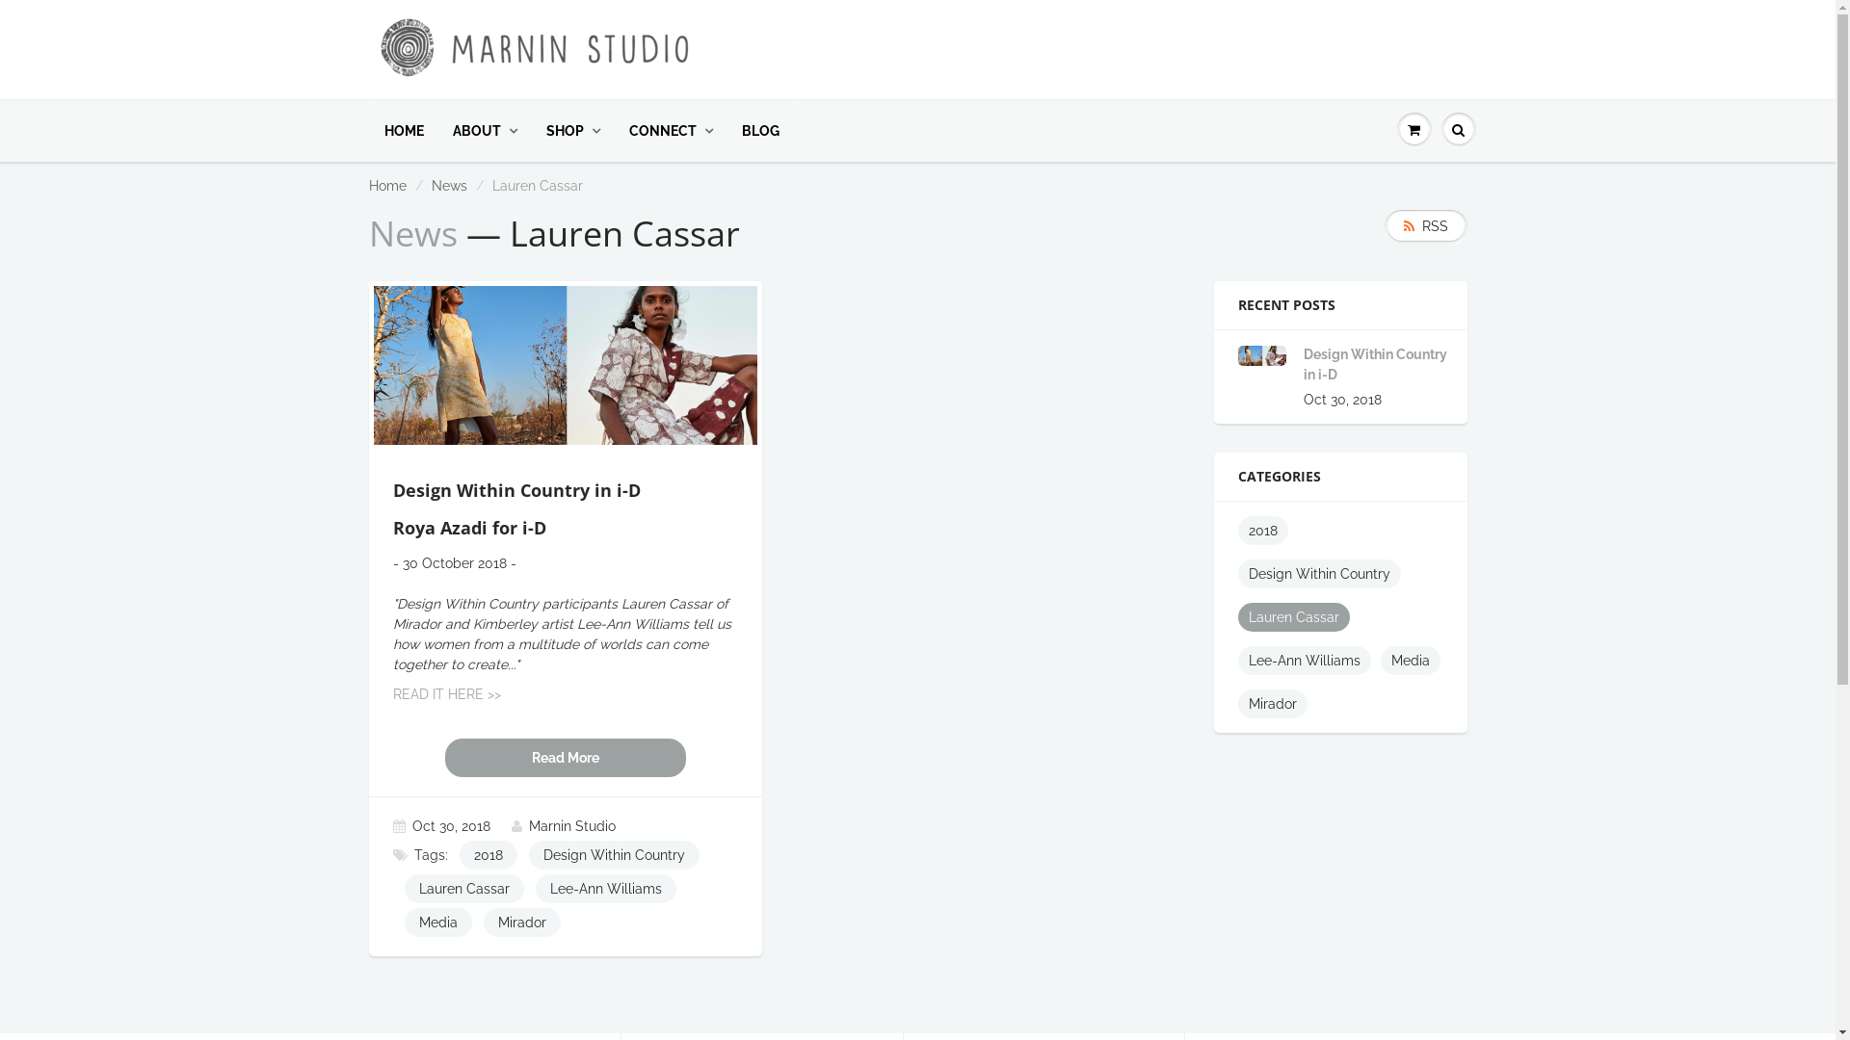 The height and width of the screenshot is (1040, 1850). I want to click on 'Design Within Country', so click(527, 853).